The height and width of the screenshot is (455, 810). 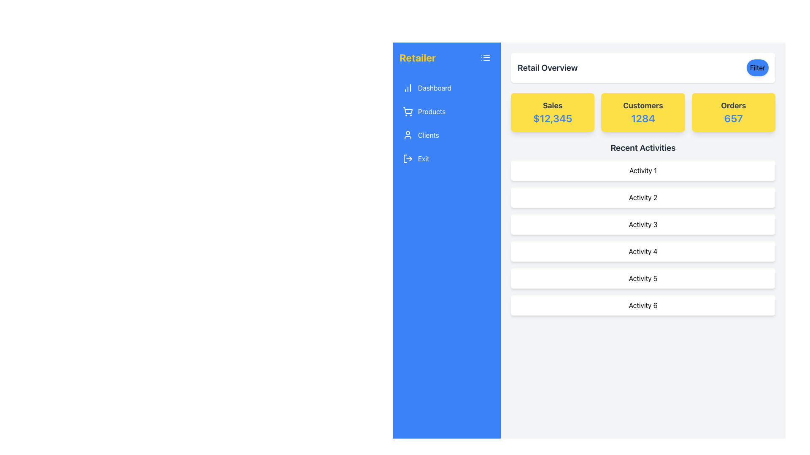 What do you see at coordinates (733, 118) in the screenshot?
I see `the prominent blue numeral value '657' displayed in a large font size within a rectangular yellow background, positioned beneath the smaller text 'Orders'` at bounding box center [733, 118].